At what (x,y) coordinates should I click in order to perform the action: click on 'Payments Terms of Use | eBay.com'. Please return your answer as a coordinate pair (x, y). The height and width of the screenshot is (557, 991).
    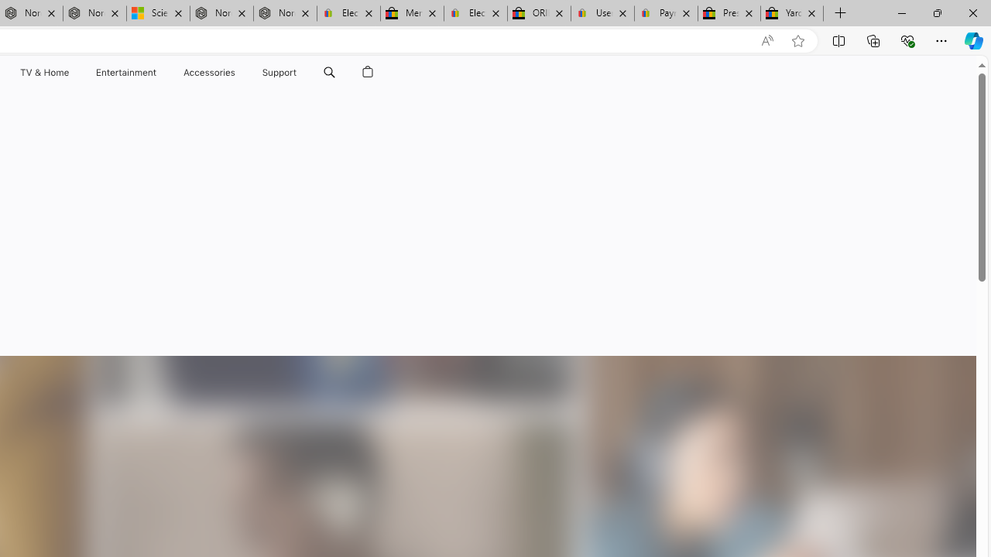
    Looking at the image, I should click on (666, 13).